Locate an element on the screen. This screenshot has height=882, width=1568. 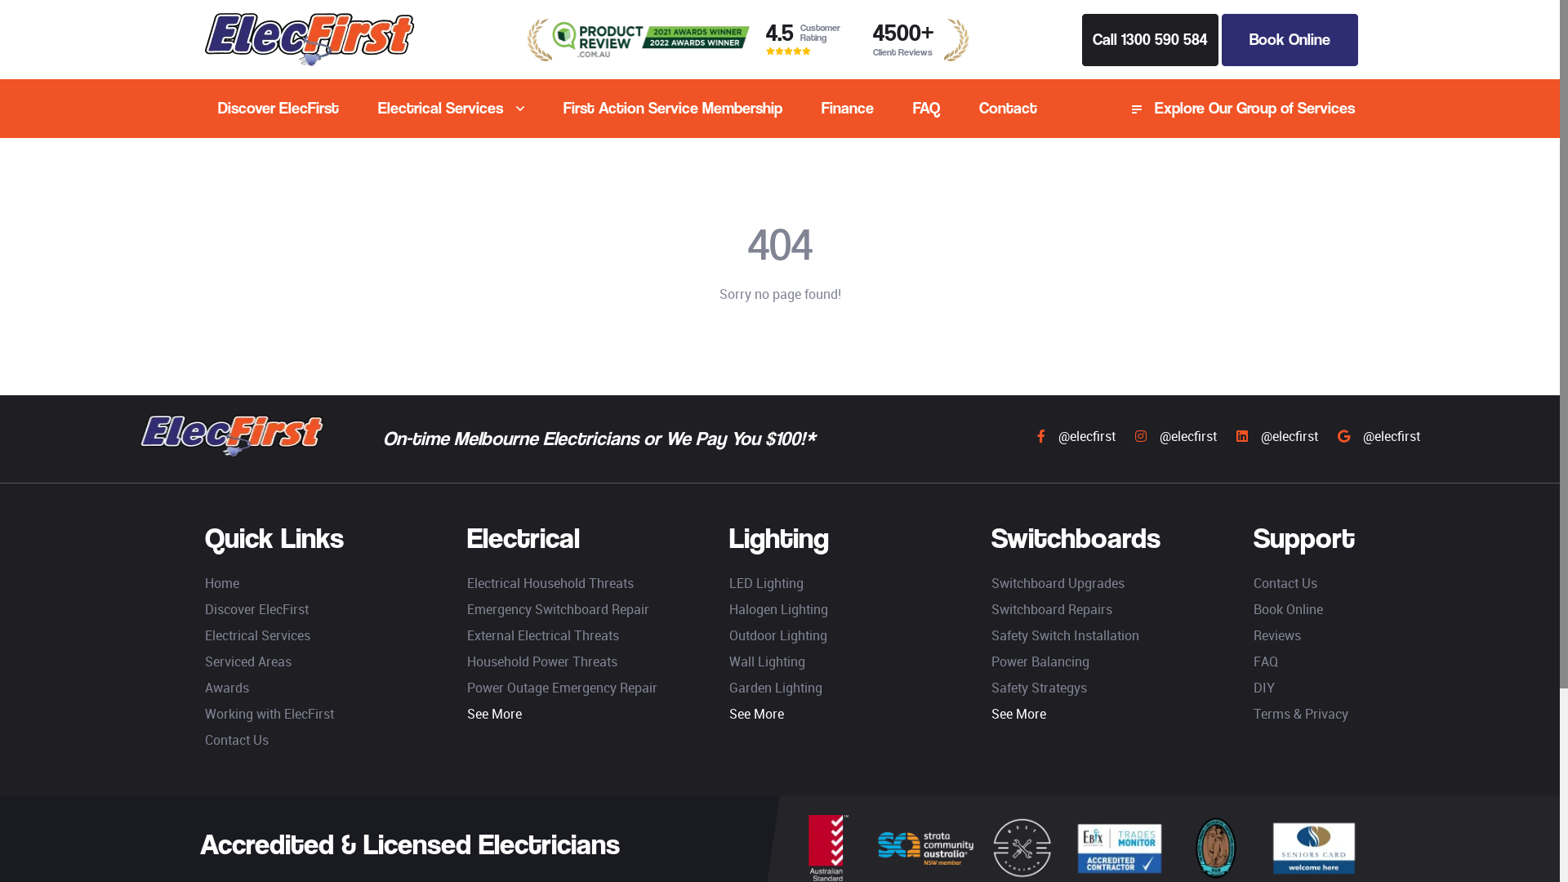
'Book Online' is located at coordinates (1289, 38).